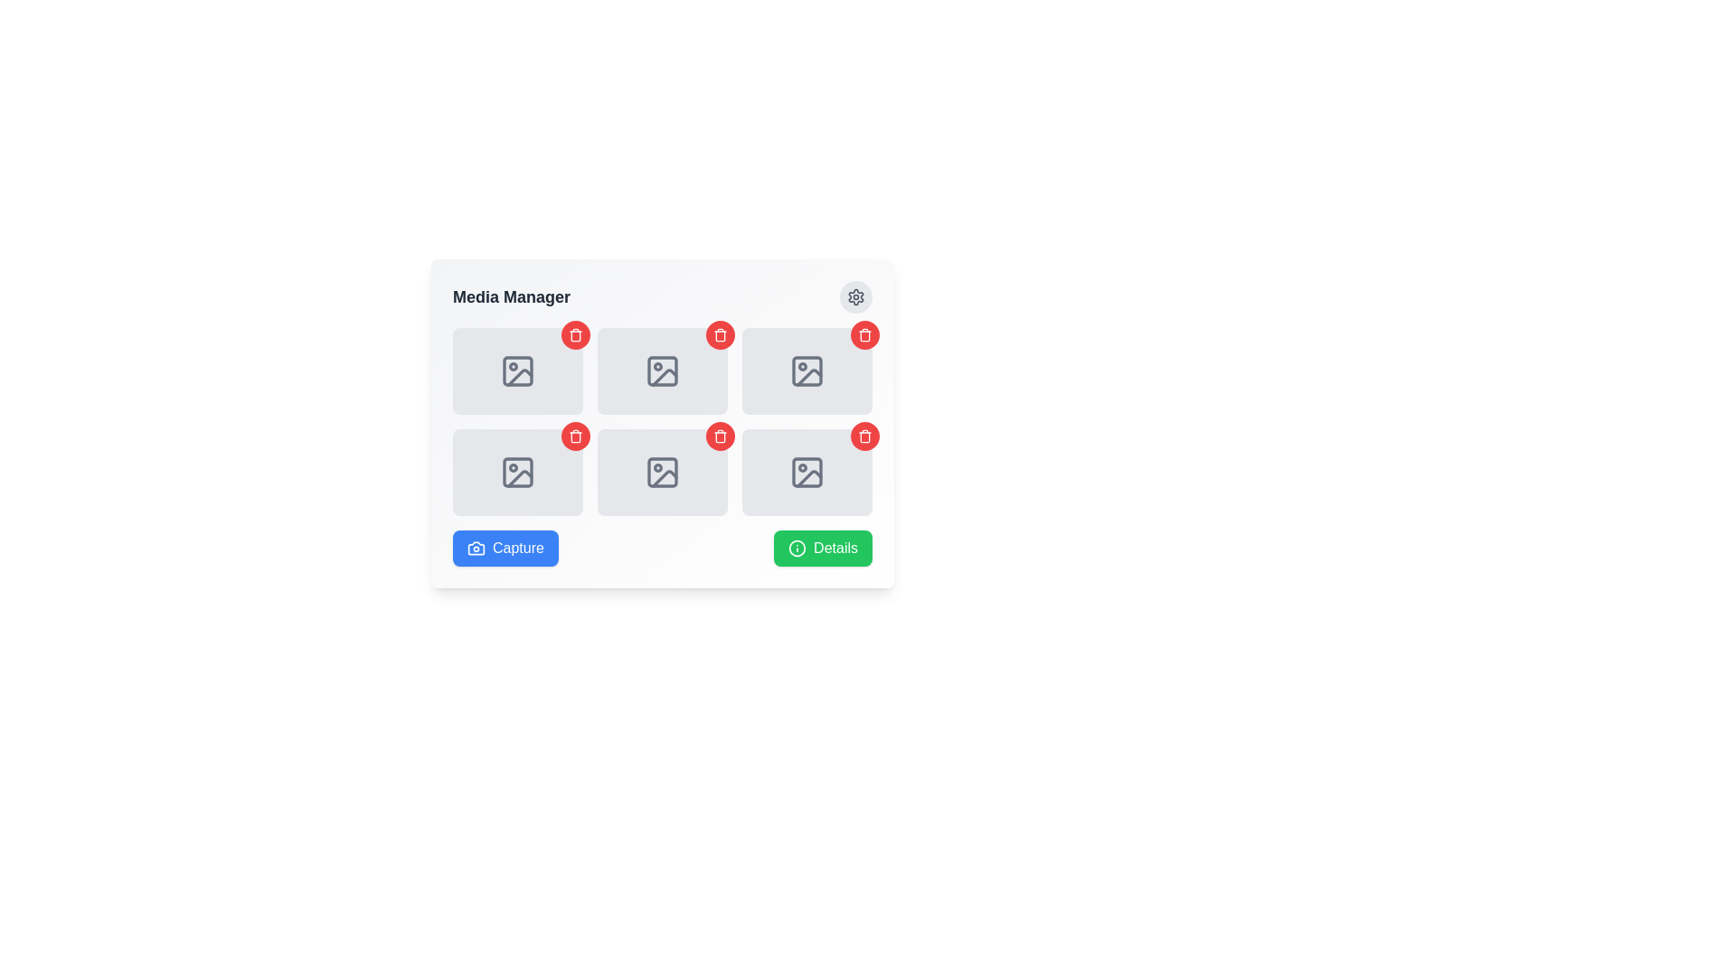 The height and width of the screenshot is (976, 1736). I want to click on the graphical element resembling a mountain range within the SVG icon in the media management panel, so click(664, 477).